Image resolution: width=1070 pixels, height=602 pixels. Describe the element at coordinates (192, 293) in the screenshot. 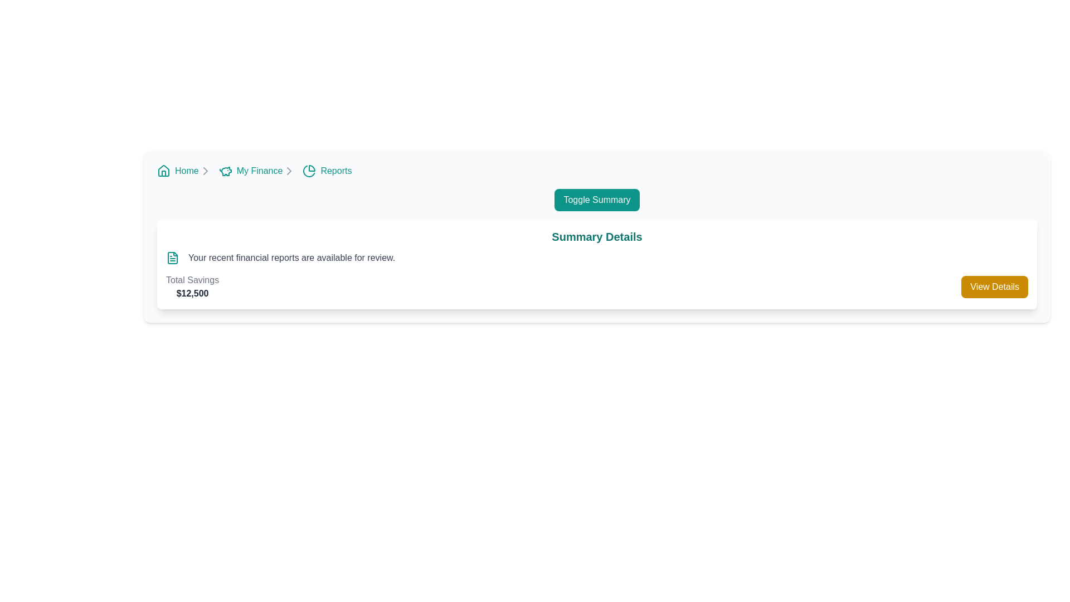

I see `the bolded text displaying the monetary value "$12,500" located below the label "Total Savings" in the lower-left portion of the interface` at that location.